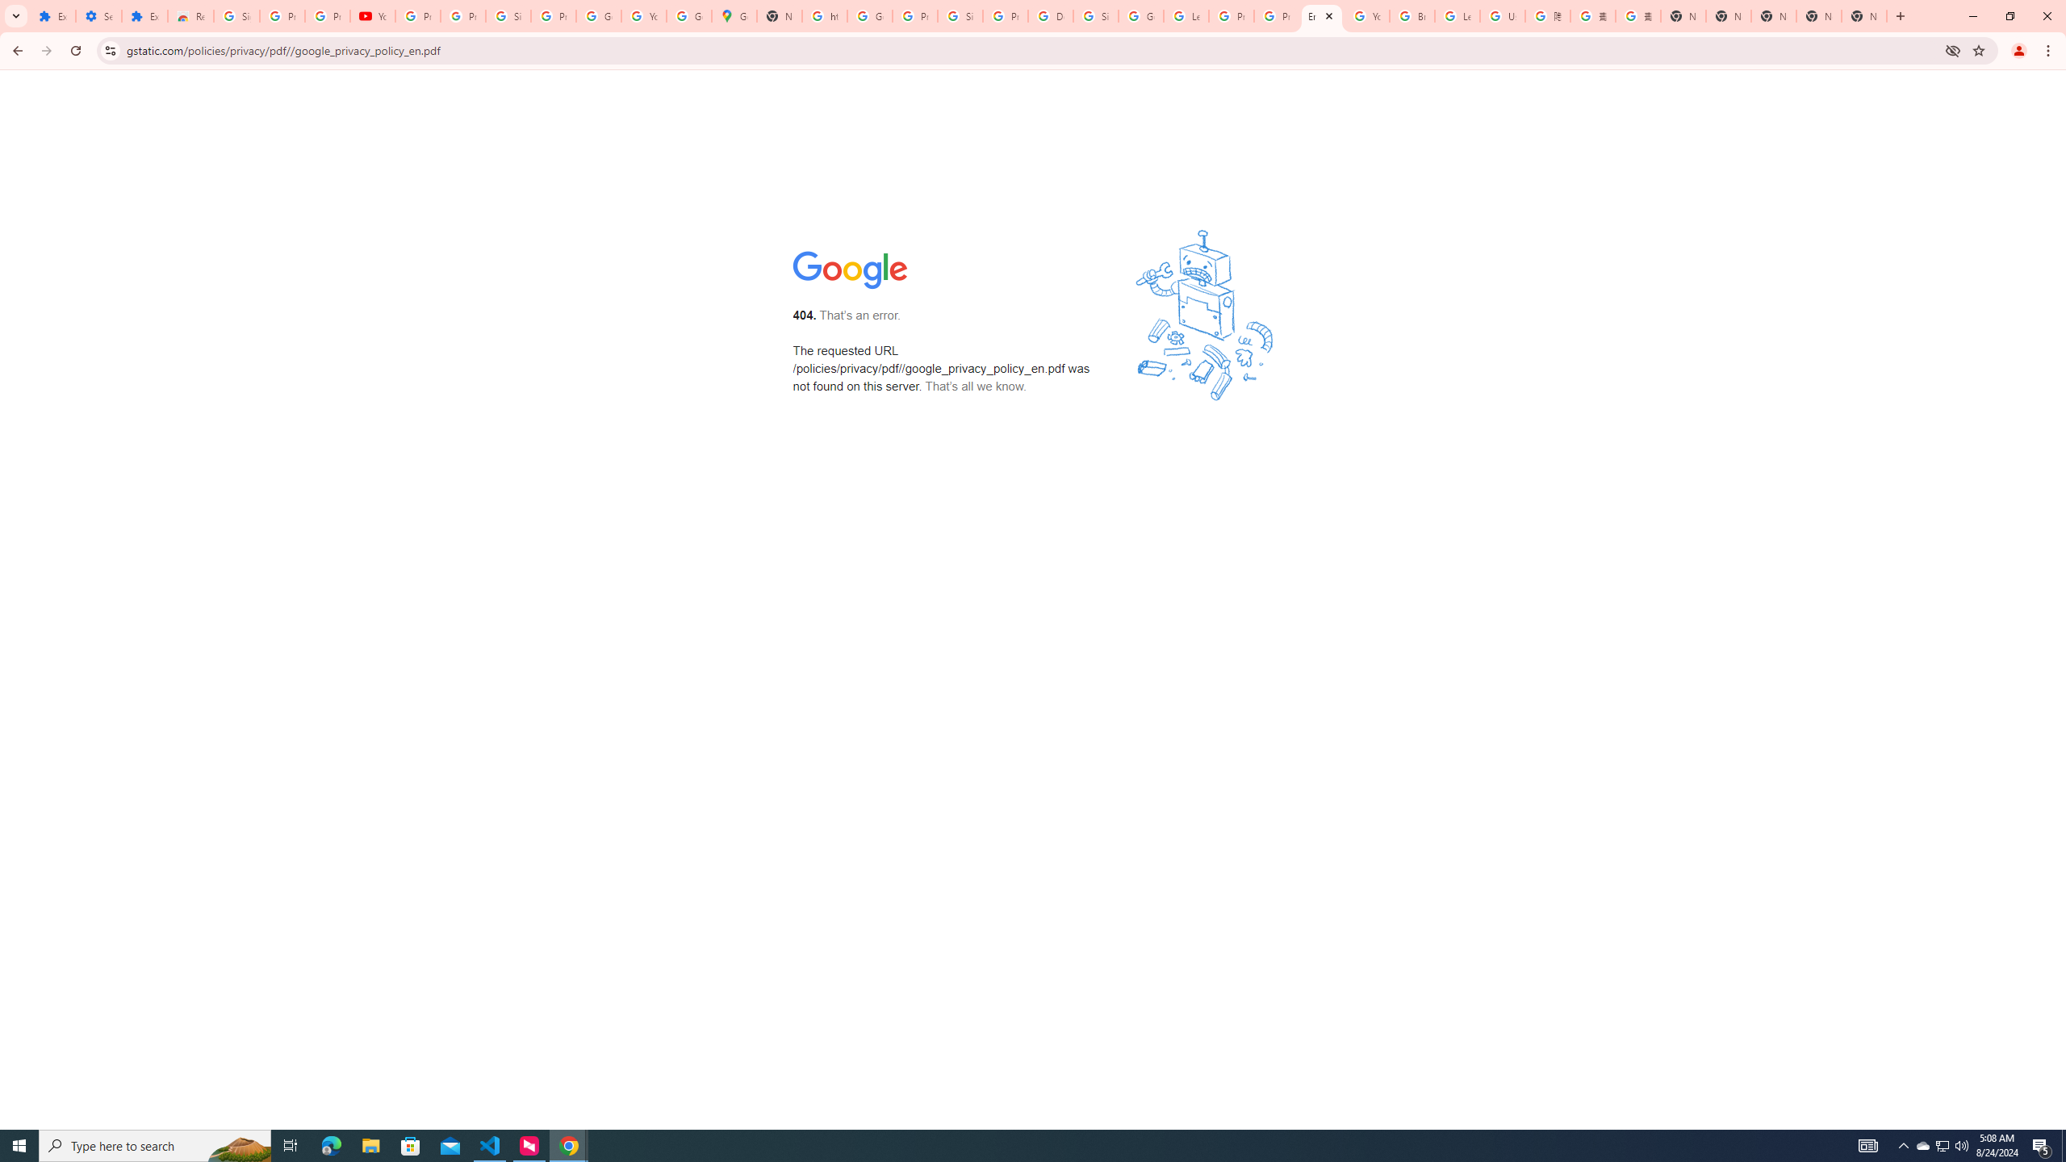 This screenshot has width=2066, height=1162. What do you see at coordinates (190, 15) in the screenshot?
I see `'Reviews: Helix Fruit Jump Arcade Game'` at bounding box center [190, 15].